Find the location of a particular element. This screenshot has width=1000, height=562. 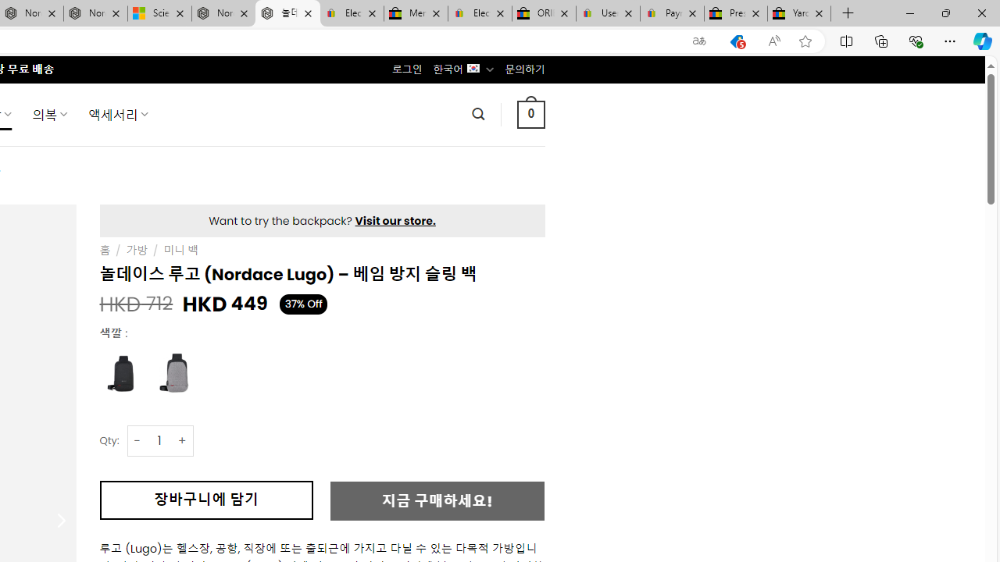

'Payments Terms of Use | eBay.com' is located at coordinates (672, 13).